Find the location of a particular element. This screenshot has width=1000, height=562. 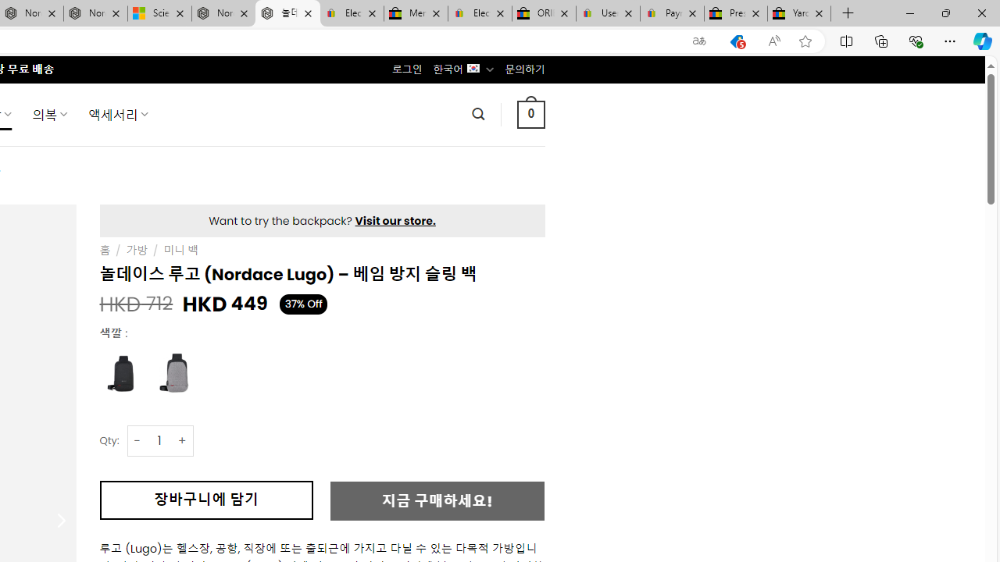

'Payments Terms of Use | eBay.com' is located at coordinates (672, 13).